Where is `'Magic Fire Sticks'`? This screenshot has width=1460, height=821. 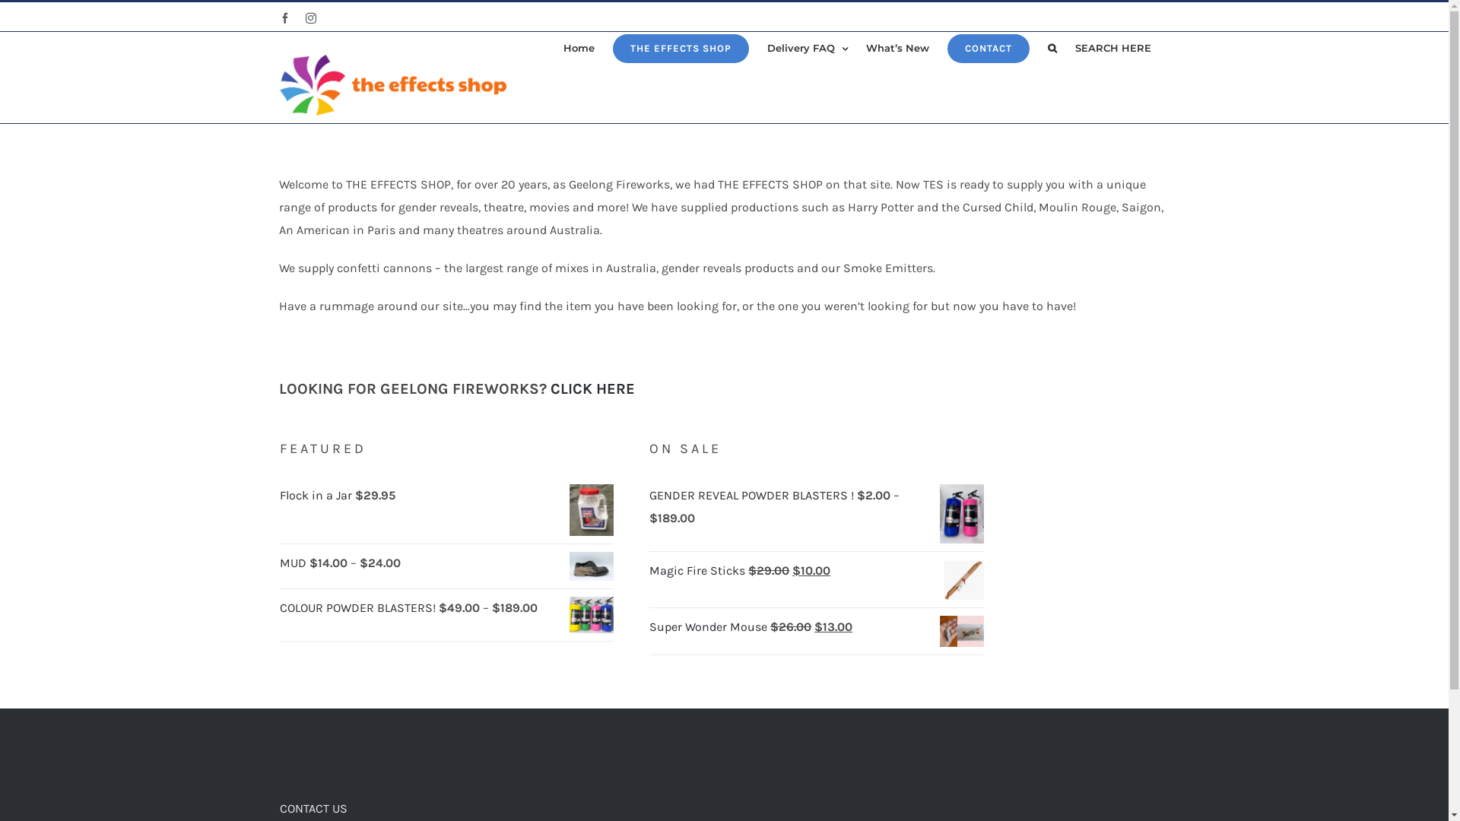
'Magic Fire Sticks' is located at coordinates (697, 570).